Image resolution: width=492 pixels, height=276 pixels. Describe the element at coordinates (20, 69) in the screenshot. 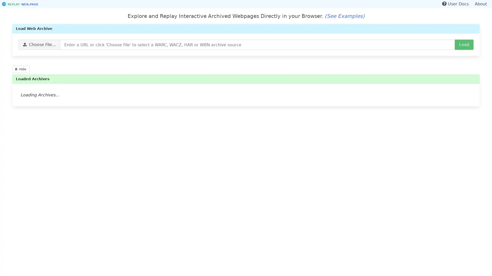

I see `Hide Header` at that location.